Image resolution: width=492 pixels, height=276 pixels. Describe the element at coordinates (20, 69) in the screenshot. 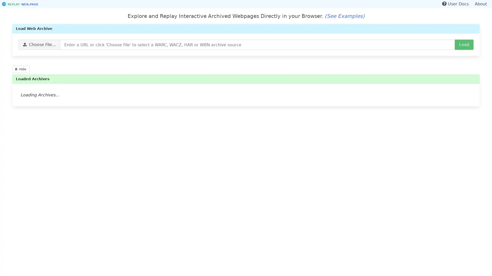

I see `Hide Header` at that location.